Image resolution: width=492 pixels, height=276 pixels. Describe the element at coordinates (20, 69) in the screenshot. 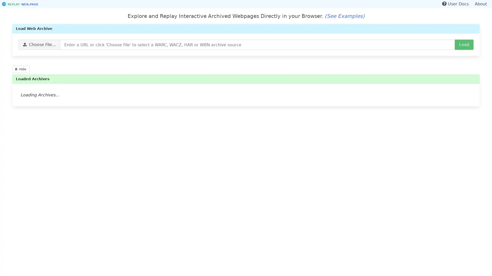

I see `Hide Header` at that location.